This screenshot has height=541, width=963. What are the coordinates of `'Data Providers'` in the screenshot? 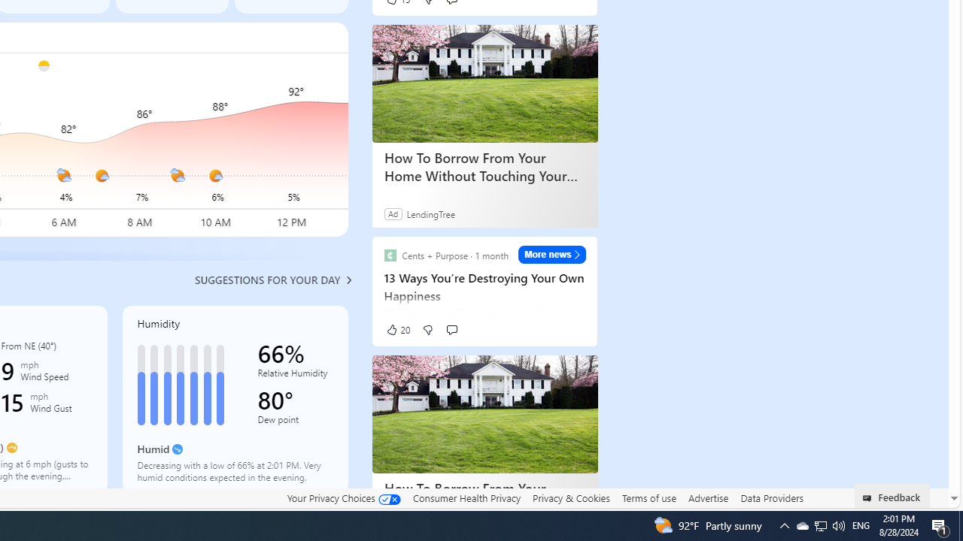 It's located at (771, 497).